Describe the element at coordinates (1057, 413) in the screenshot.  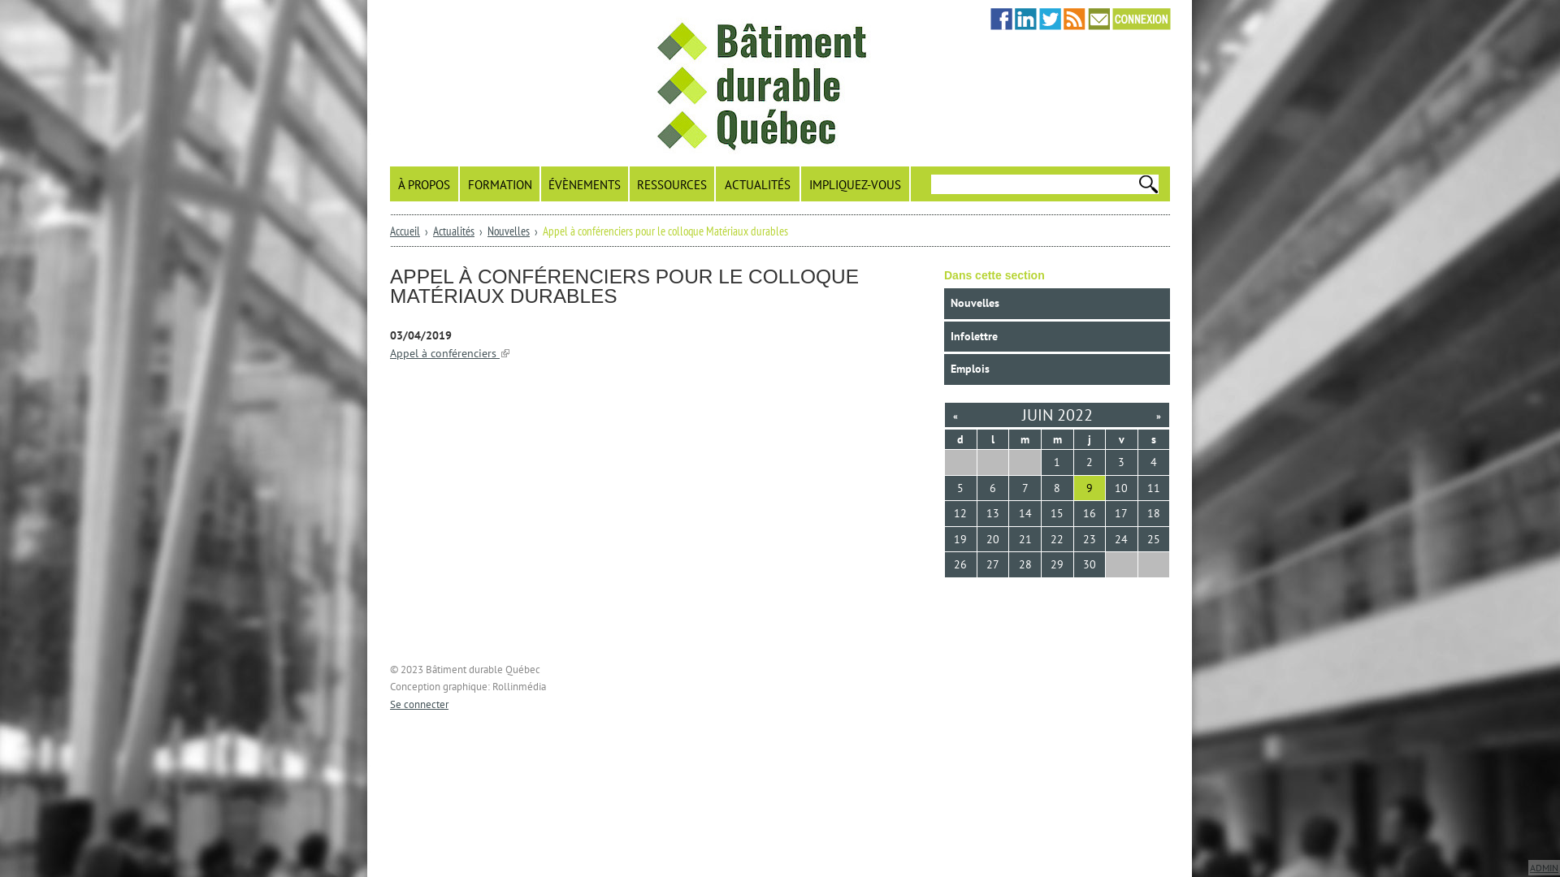
I see `'JUIN 2022'` at that location.